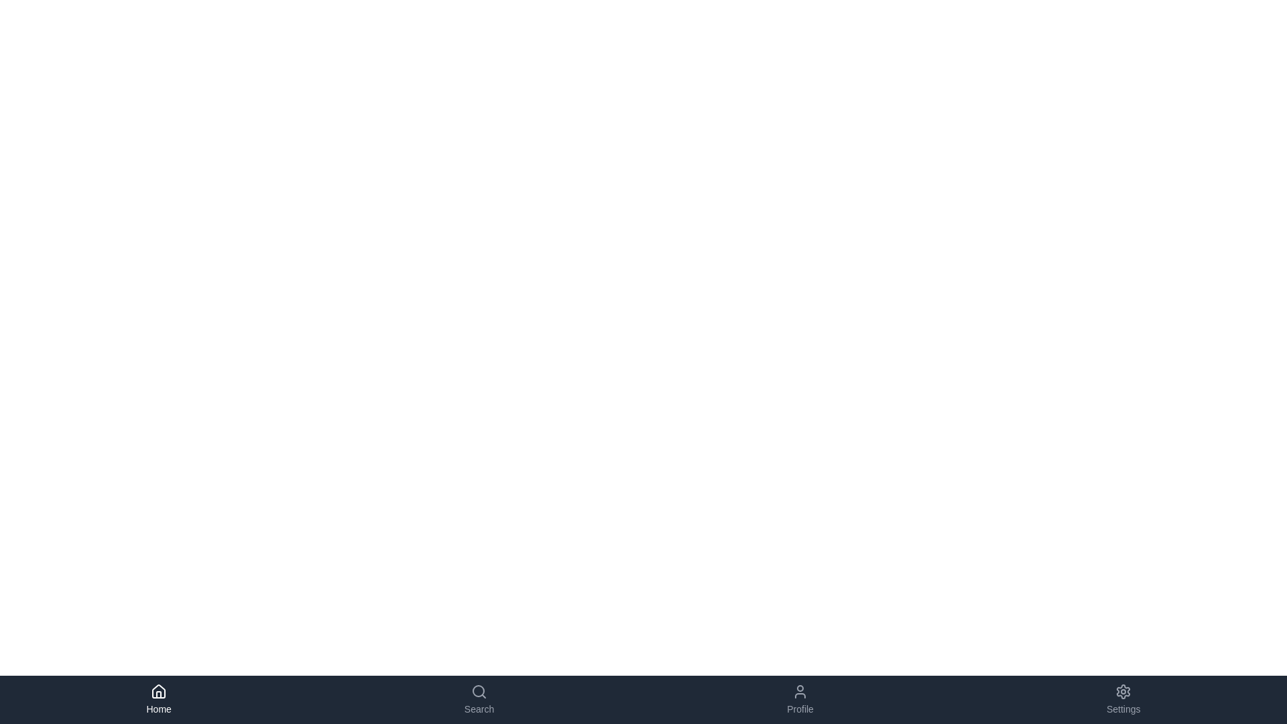 The height and width of the screenshot is (724, 1287). I want to click on text content of the 'Search' label located in the bottom navigation bar, positioned below the magnifying glass icon, so click(479, 708).